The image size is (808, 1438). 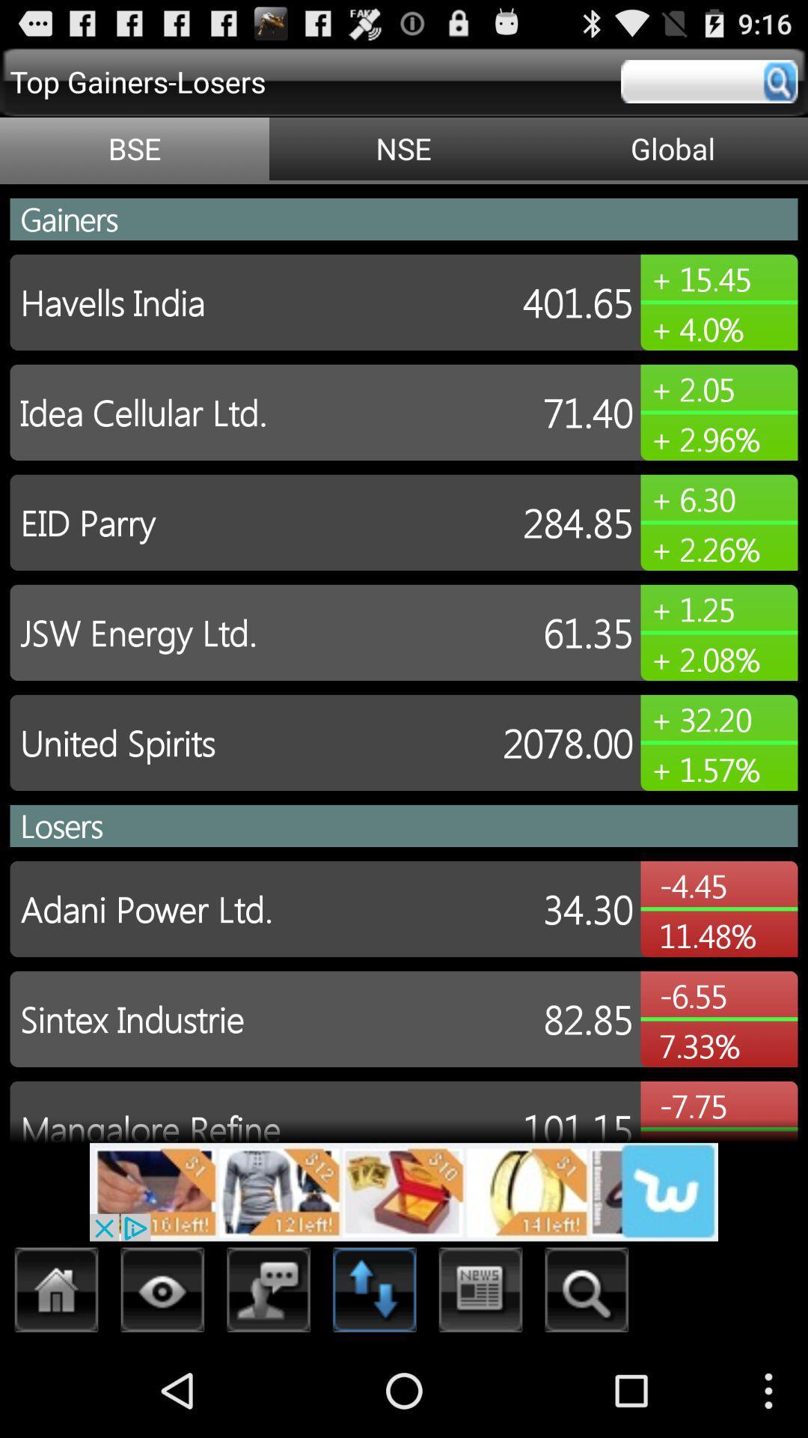 I want to click on search, so click(x=708, y=81).